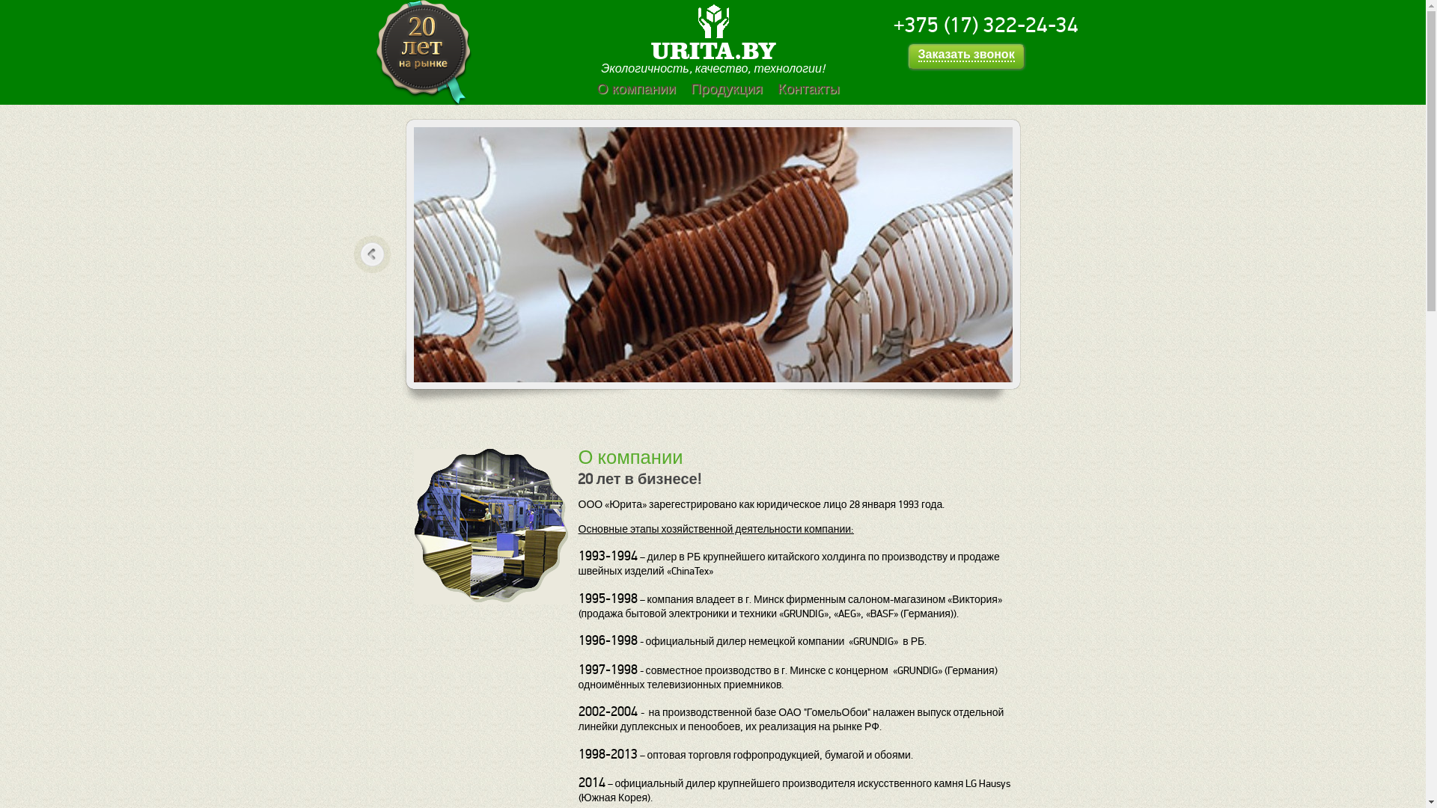 This screenshot has width=1437, height=808. What do you see at coordinates (713, 49) in the screenshot?
I see `'URITA.BY'` at bounding box center [713, 49].